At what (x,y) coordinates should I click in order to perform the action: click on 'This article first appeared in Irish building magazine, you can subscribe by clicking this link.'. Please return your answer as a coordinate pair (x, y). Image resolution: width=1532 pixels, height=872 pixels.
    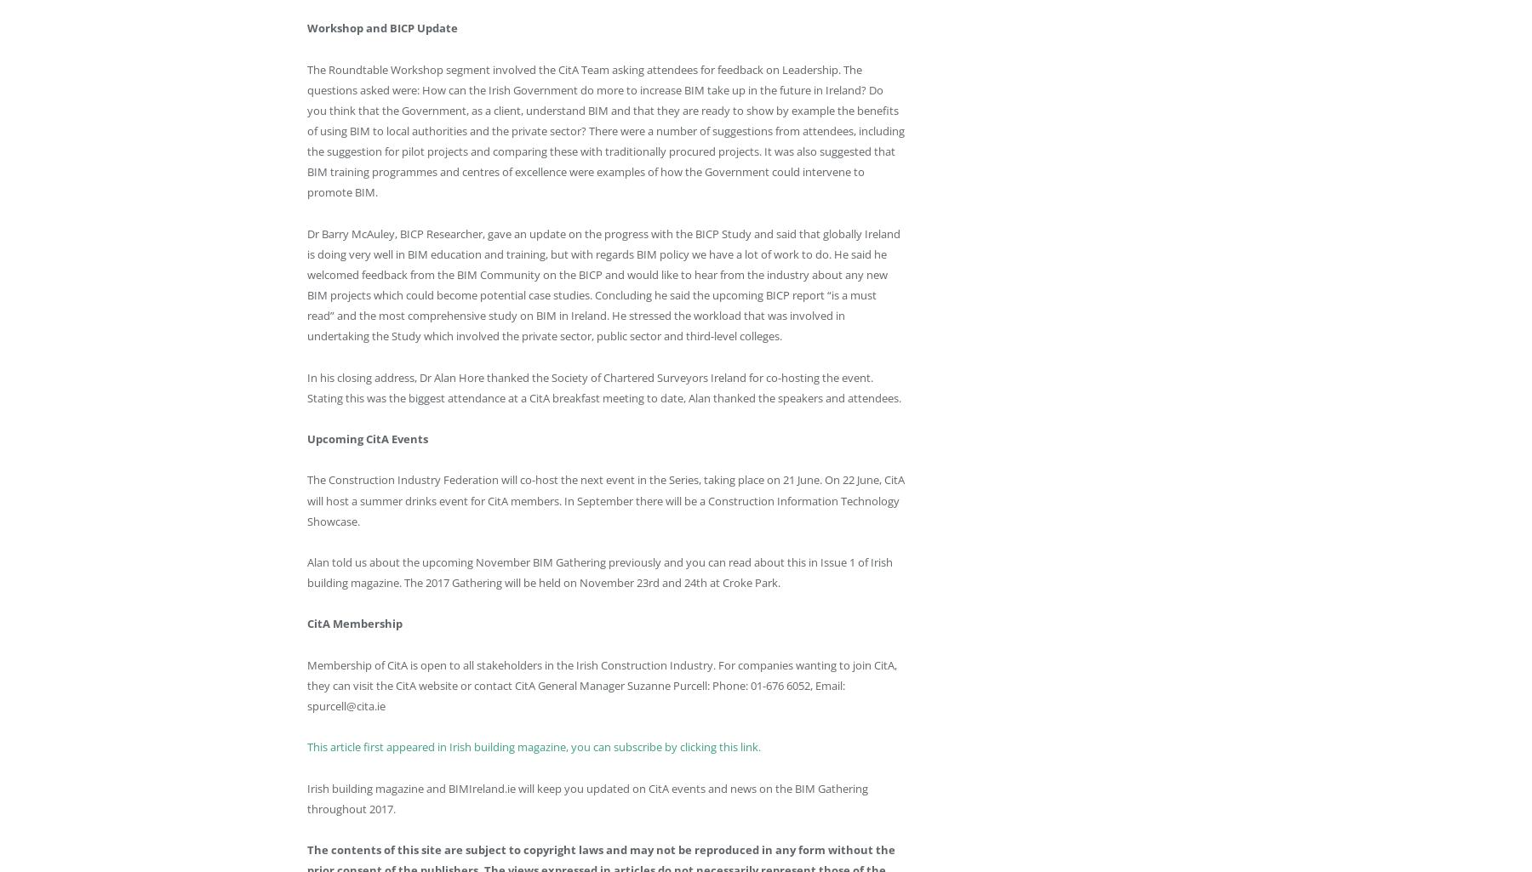
    Looking at the image, I should click on (534, 747).